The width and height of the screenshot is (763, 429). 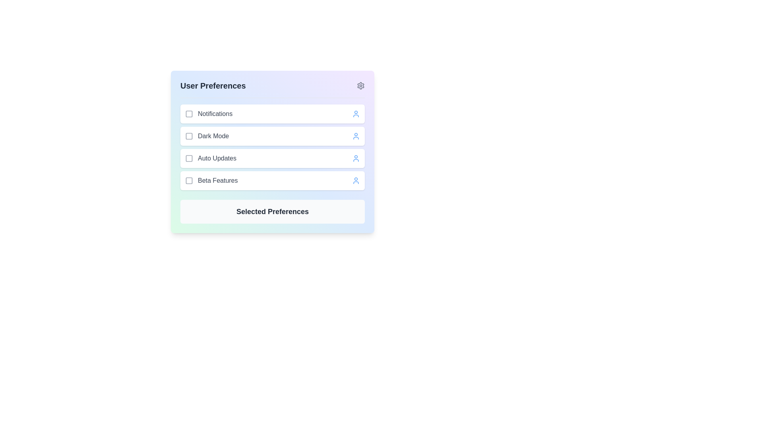 I want to click on the checkbox state indicator element representing the 'Auto Updates' preference, so click(x=188, y=158).